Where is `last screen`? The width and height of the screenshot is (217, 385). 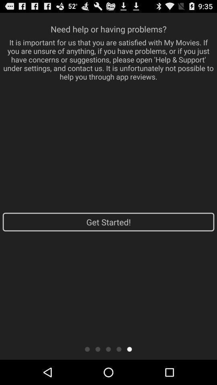
last screen is located at coordinates (129, 349).